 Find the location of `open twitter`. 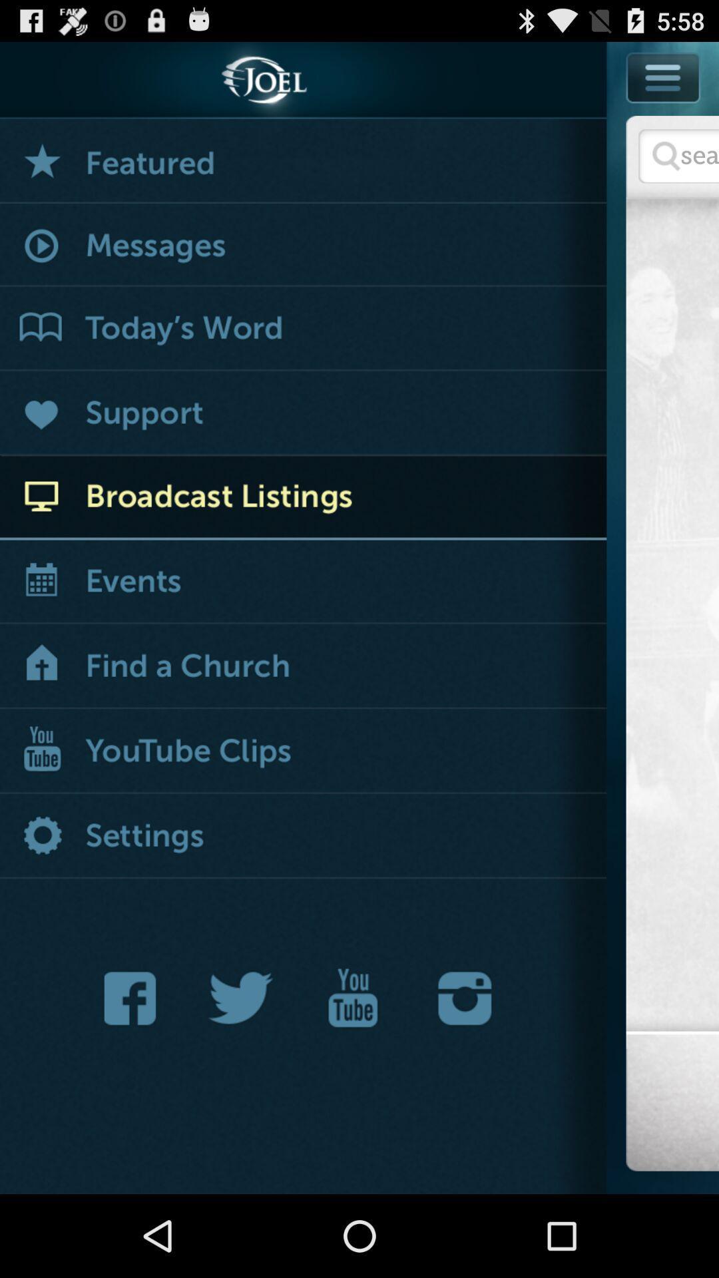

open twitter is located at coordinates (241, 998).